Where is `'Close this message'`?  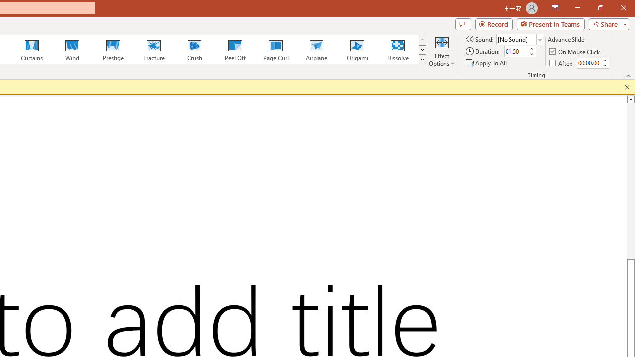 'Close this message' is located at coordinates (627, 87).